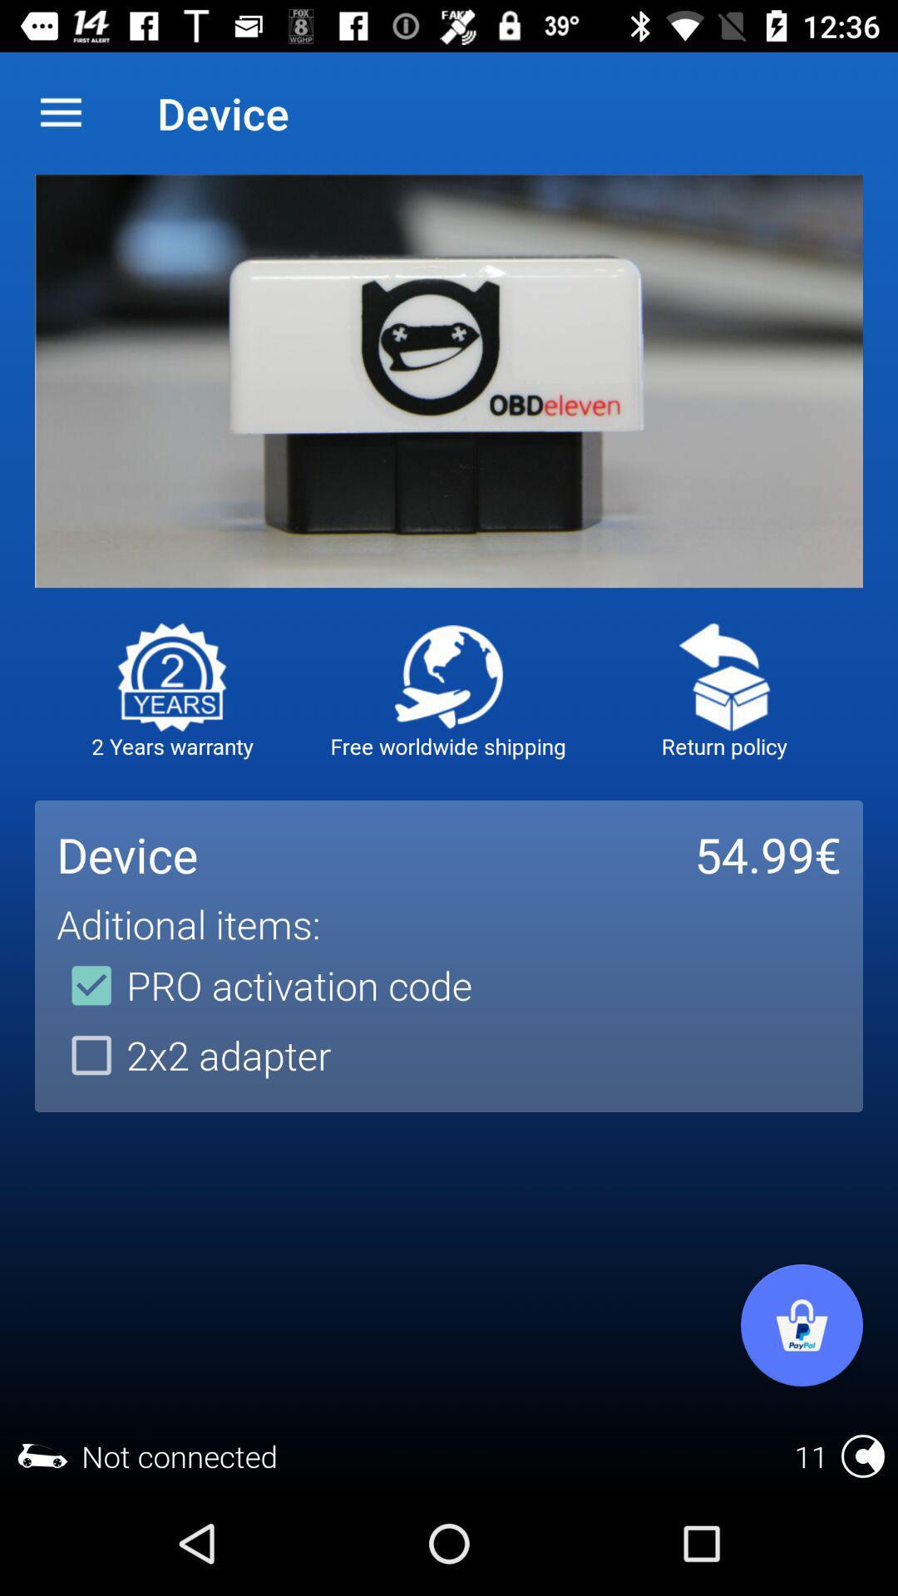  What do you see at coordinates (801, 1324) in the screenshot?
I see `open shop cart` at bounding box center [801, 1324].